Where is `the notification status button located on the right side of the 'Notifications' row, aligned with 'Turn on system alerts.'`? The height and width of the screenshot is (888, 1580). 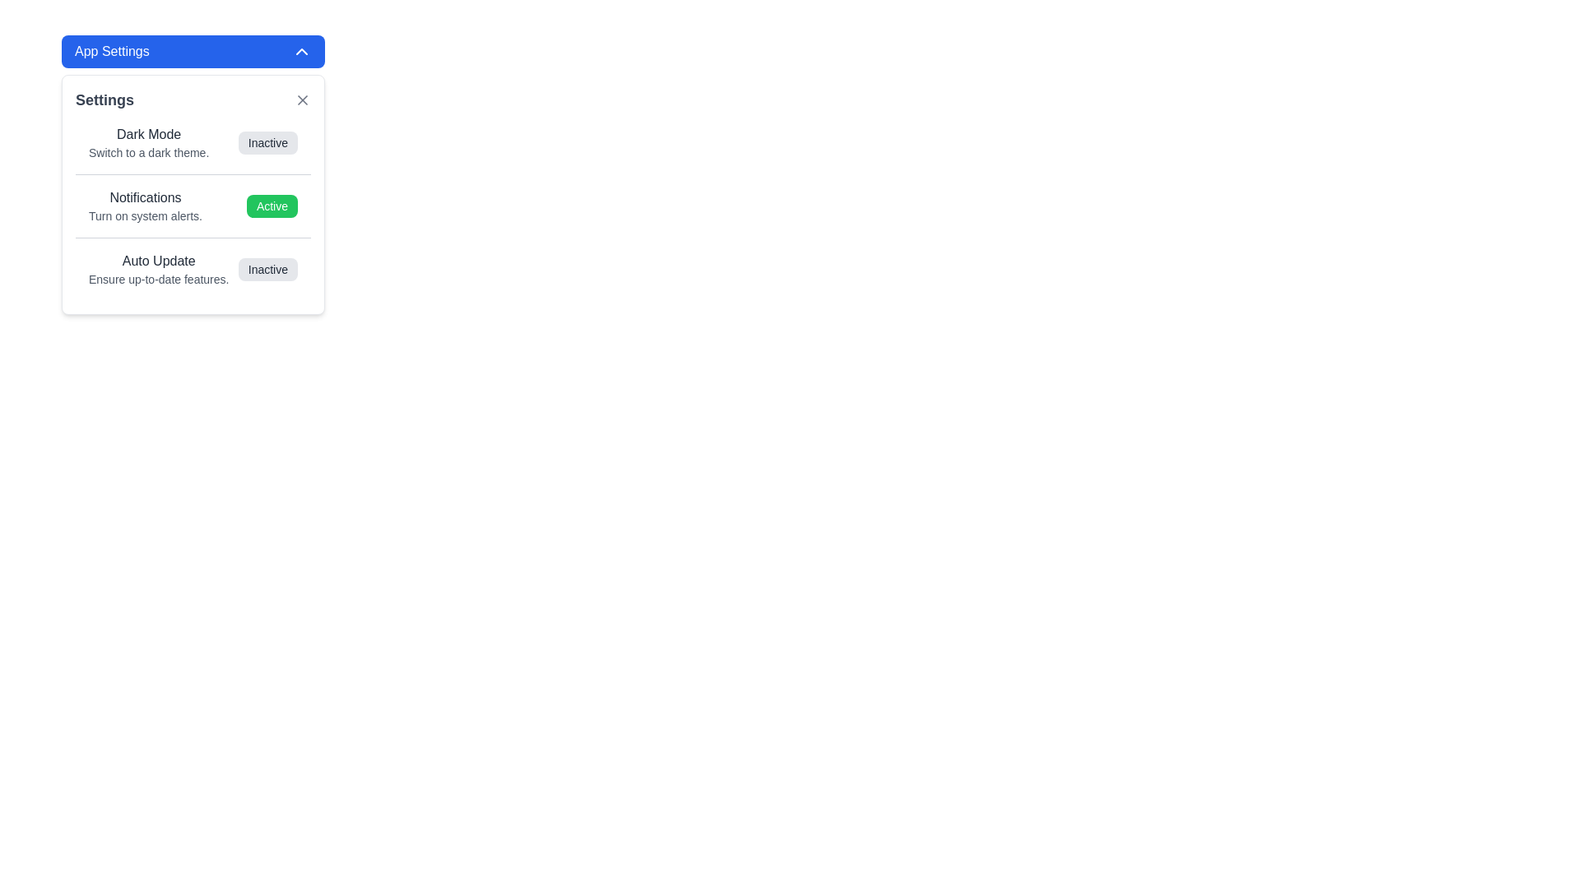
the notification status button located on the right side of the 'Notifications' row, aligned with 'Turn on system alerts.' is located at coordinates (272, 205).